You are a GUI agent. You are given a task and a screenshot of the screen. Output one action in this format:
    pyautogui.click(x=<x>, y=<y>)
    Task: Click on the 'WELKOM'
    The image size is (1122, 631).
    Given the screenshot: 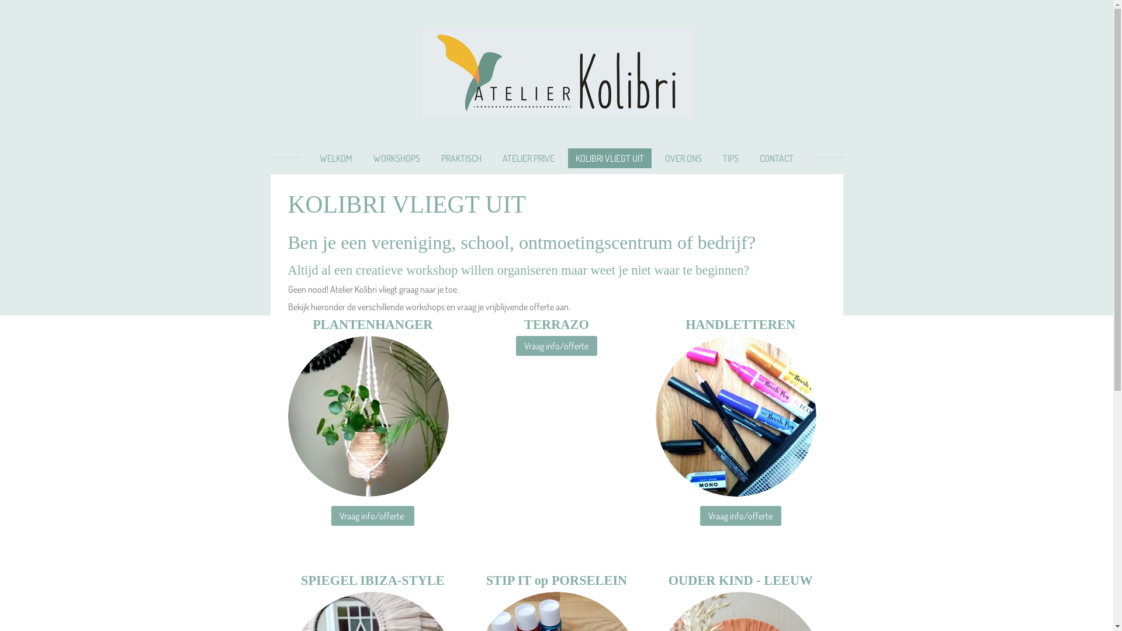 What is the action you would take?
    pyautogui.click(x=335, y=158)
    